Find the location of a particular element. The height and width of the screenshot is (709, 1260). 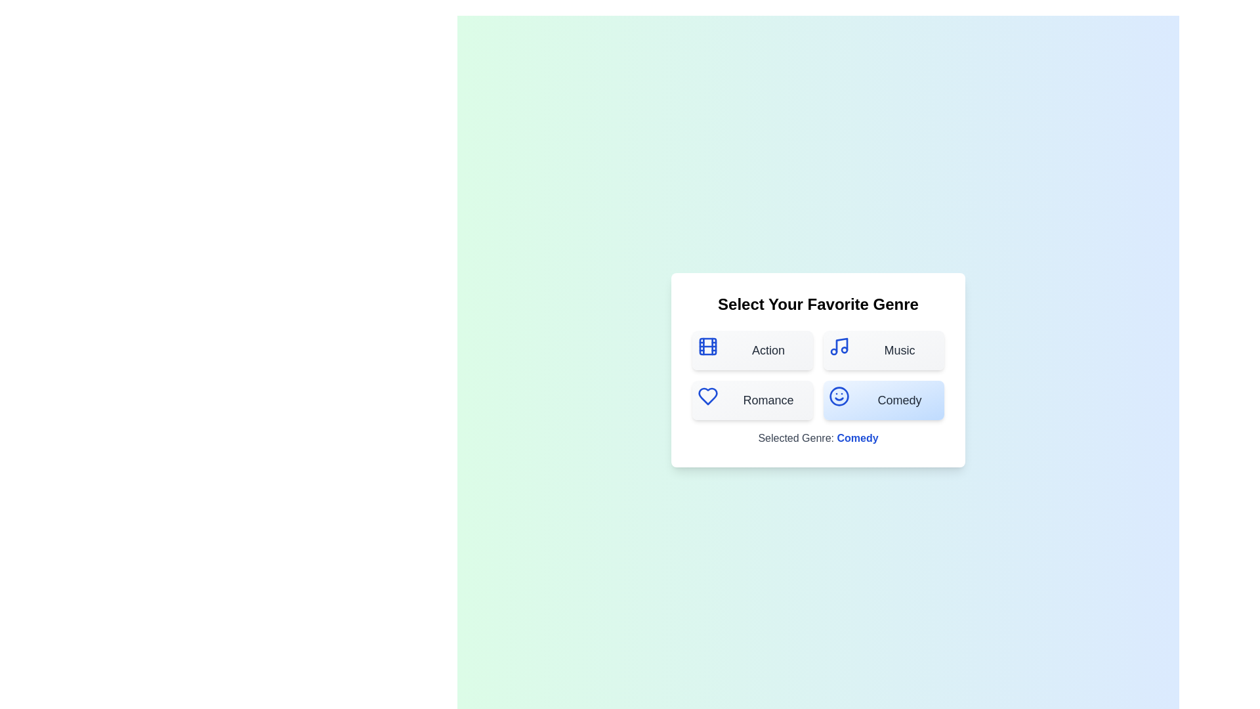

text of the 'Music' label, which is styled with a medium font weight and gray color, located in the upper-right button under the heading 'Select Your Favorite Genre' is located at coordinates (899, 349).